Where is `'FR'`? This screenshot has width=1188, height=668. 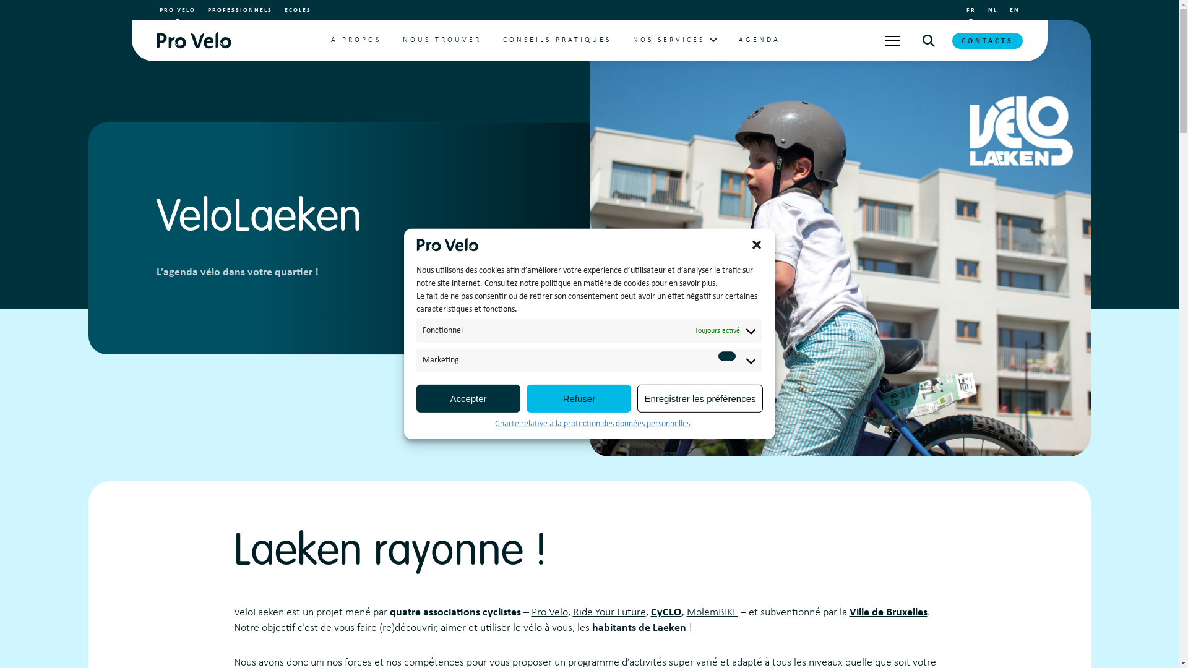 'FR' is located at coordinates (970, 10).